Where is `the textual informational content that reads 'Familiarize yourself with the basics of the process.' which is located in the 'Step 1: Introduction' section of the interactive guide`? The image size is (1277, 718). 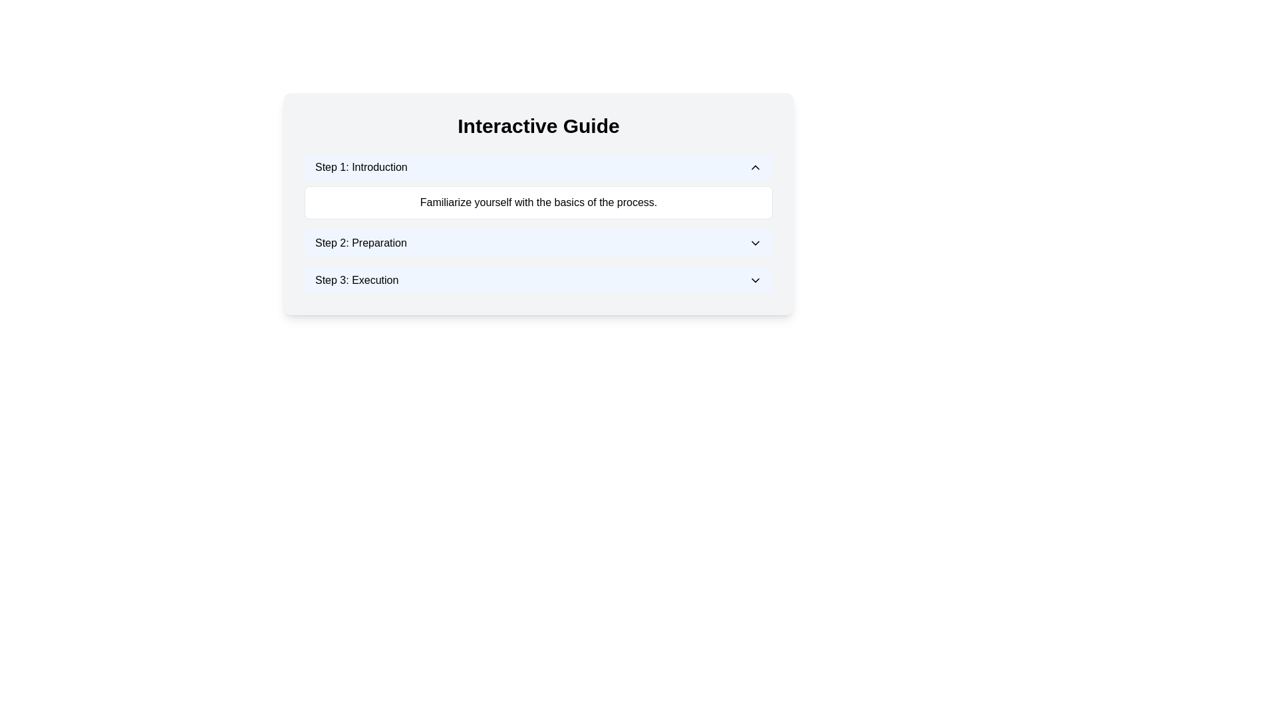 the textual informational content that reads 'Familiarize yourself with the basics of the process.' which is located in the 'Step 1: Introduction' section of the interactive guide is located at coordinates (539, 202).